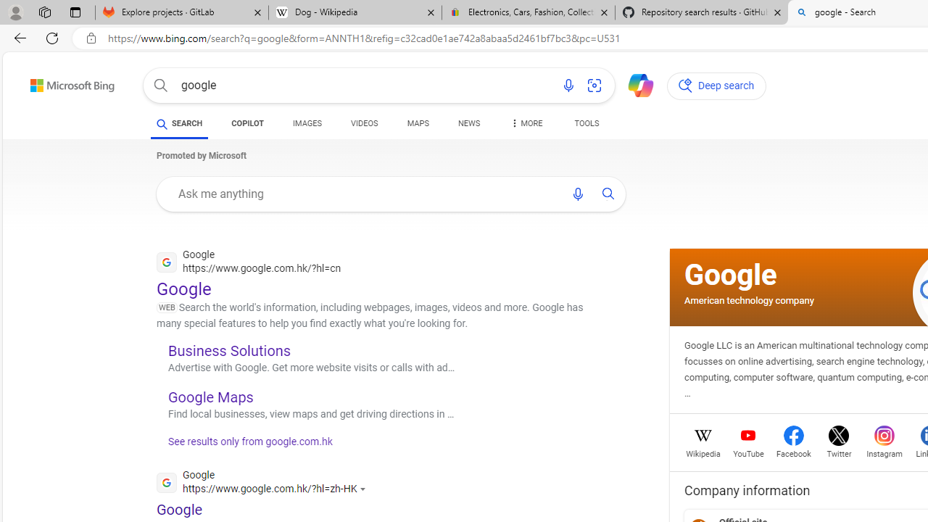  I want to click on 'Actions for this site', so click(365, 489).